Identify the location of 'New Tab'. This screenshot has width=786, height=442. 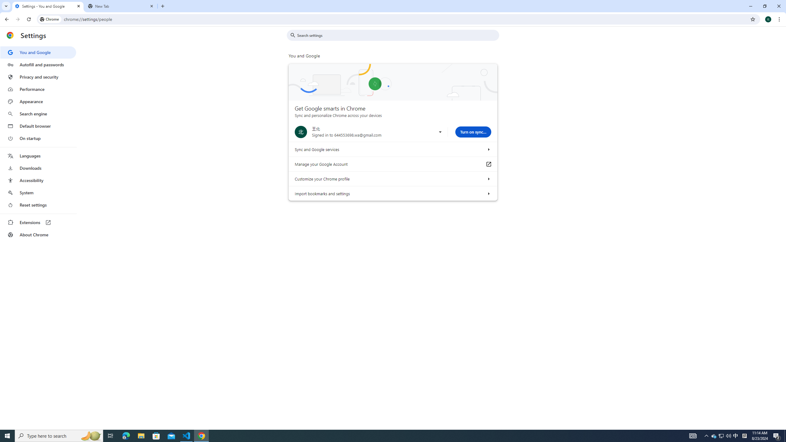
(121, 6).